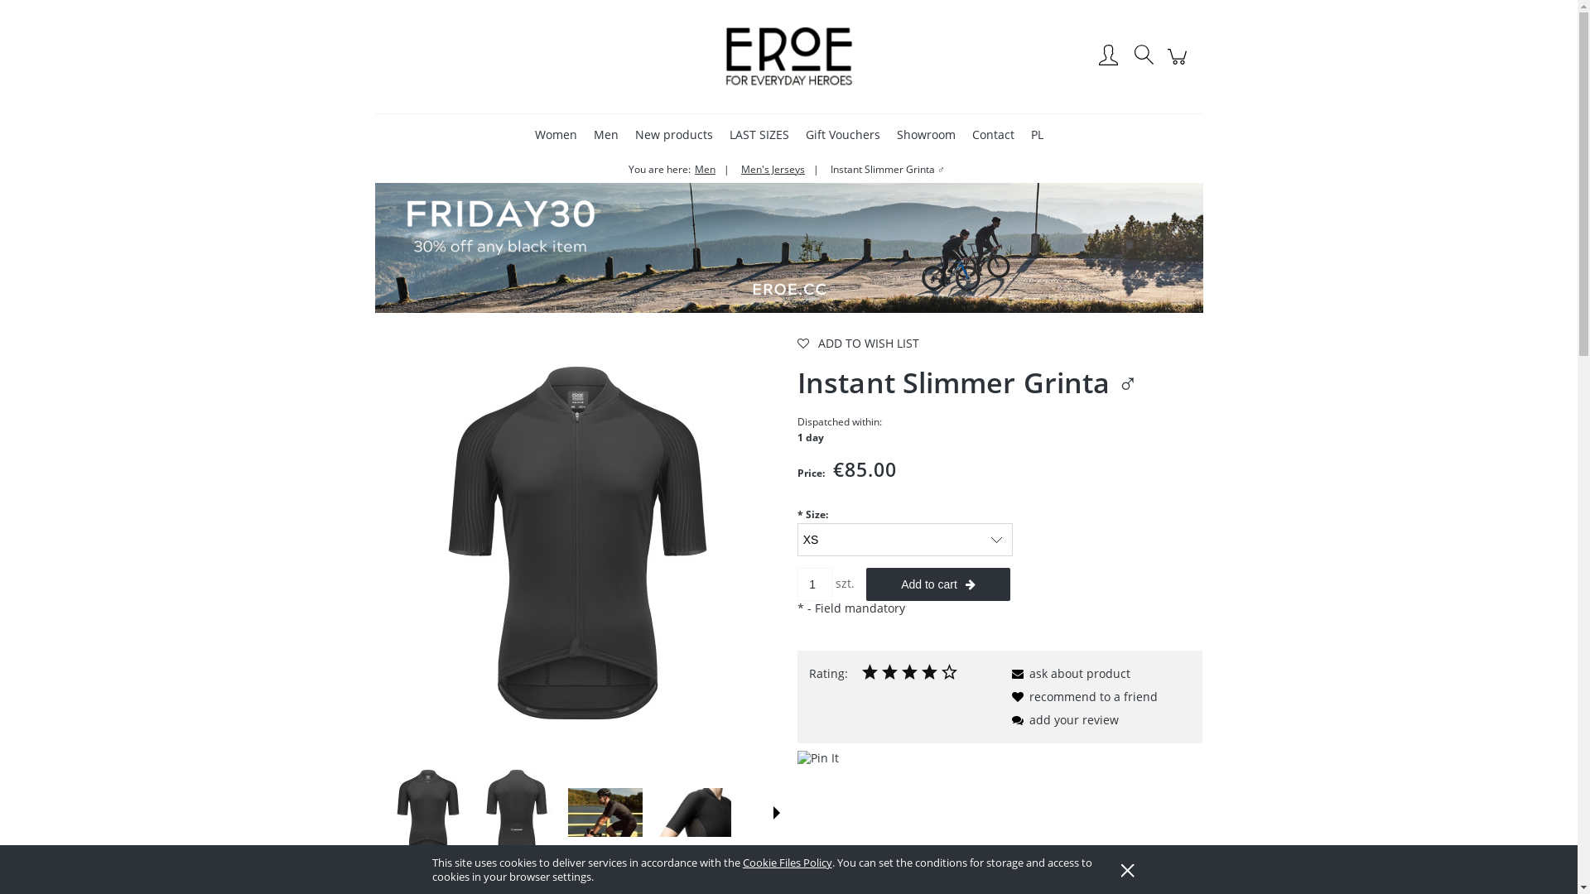 Image resolution: width=1590 pixels, height=894 pixels. What do you see at coordinates (1178, 63) in the screenshot?
I see `'Cart'` at bounding box center [1178, 63].